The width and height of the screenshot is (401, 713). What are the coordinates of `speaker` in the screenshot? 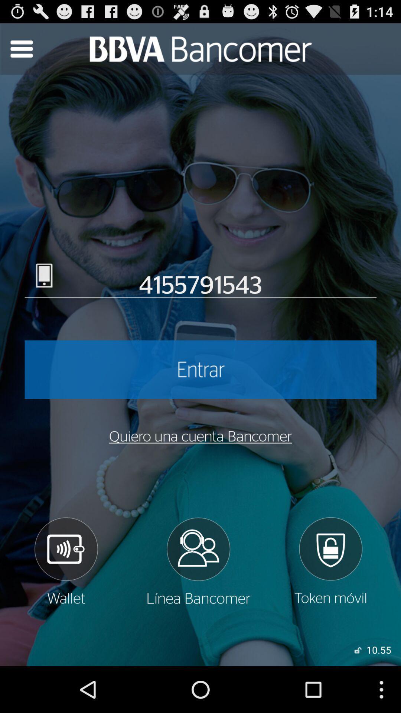 It's located at (65, 561).